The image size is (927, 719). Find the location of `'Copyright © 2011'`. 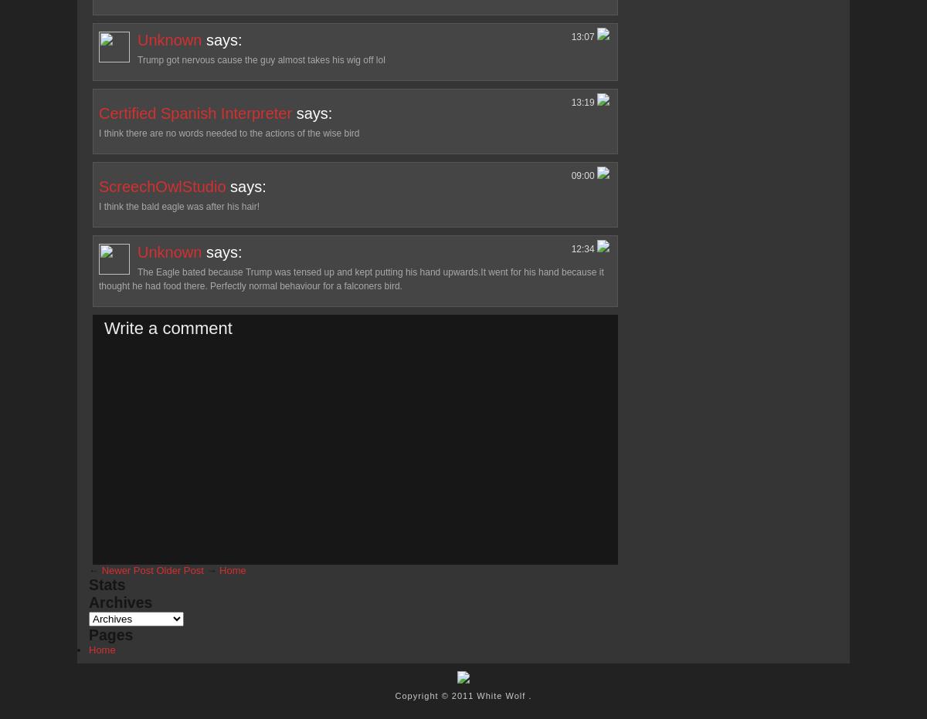

'Copyright © 2011' is located at coordinates (435, 694).